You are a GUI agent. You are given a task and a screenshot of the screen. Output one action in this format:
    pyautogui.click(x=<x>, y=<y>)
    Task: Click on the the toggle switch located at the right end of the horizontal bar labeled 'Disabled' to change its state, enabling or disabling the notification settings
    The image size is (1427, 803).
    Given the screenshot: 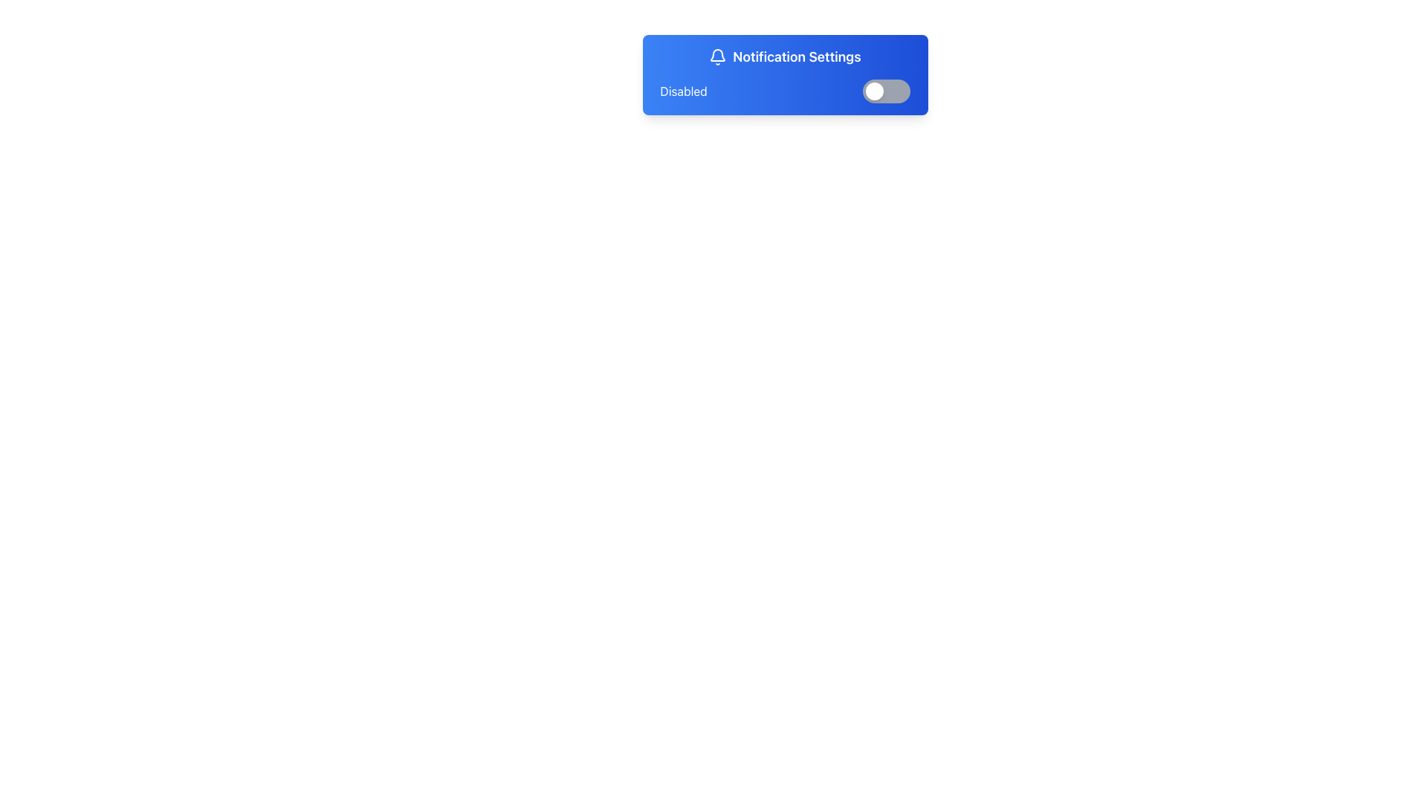 What is the action you would take?
    pyautogui.click(x=886, y=91)
    